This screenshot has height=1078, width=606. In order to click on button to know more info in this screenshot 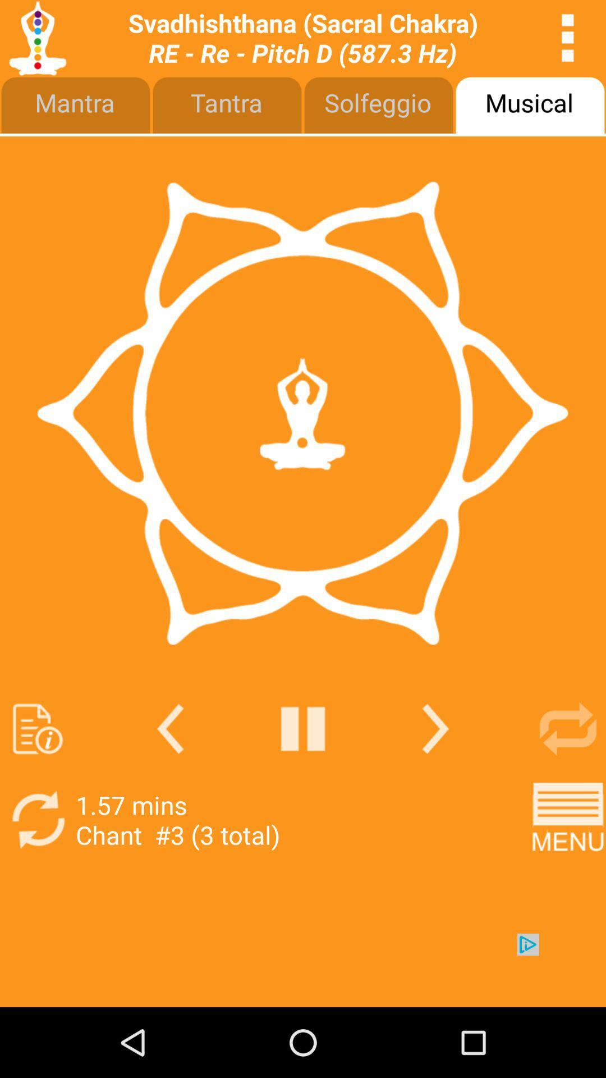, I will do `click(37, 729)`.